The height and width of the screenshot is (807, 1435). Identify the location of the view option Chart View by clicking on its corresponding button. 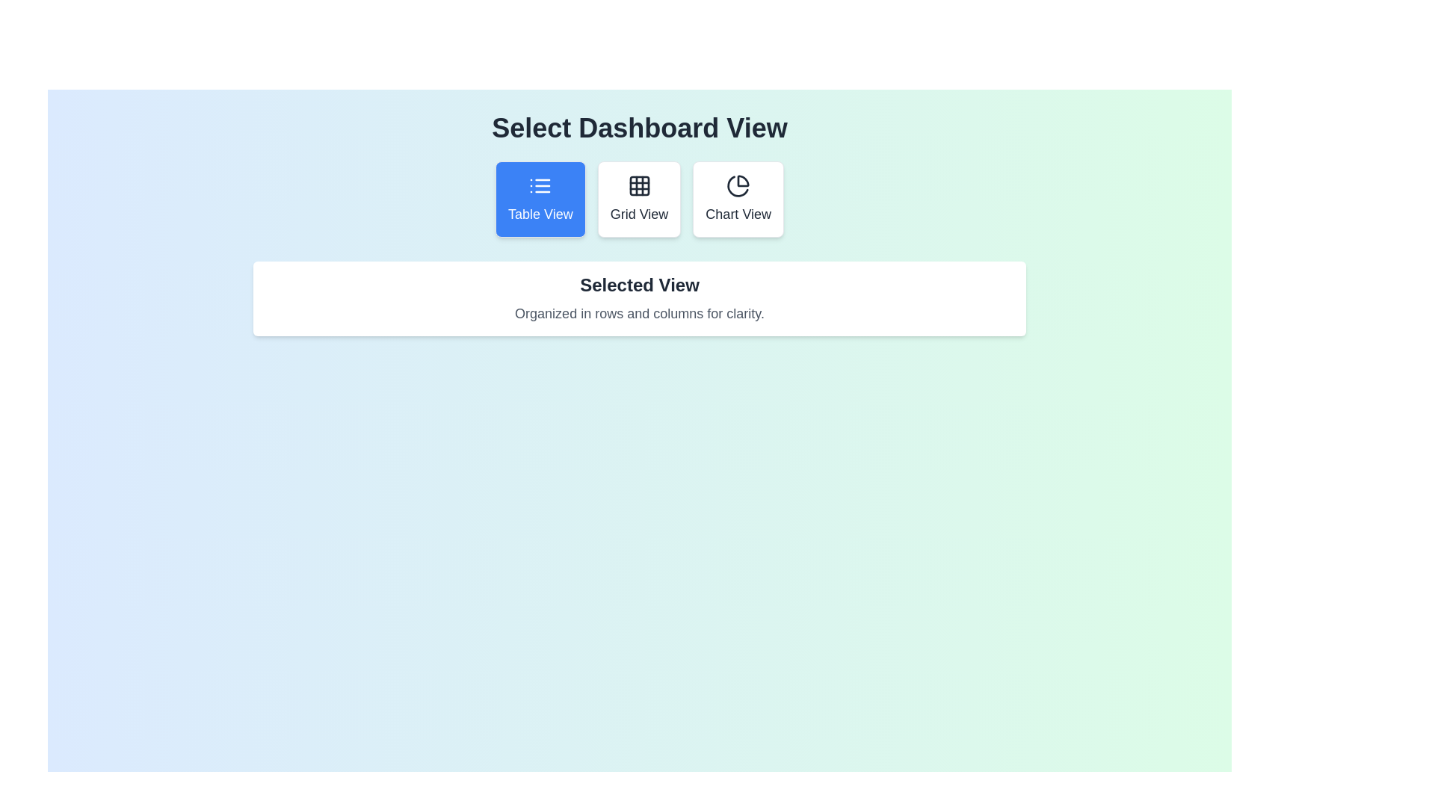
(738, 198).